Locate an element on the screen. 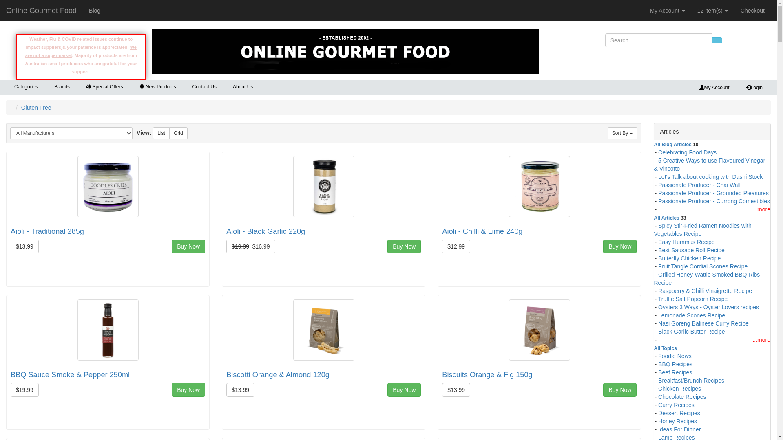 The width and height of the screenshot is (783, 440). 'Lemonade Scones Recipe' is located at coordinates (691, 314).